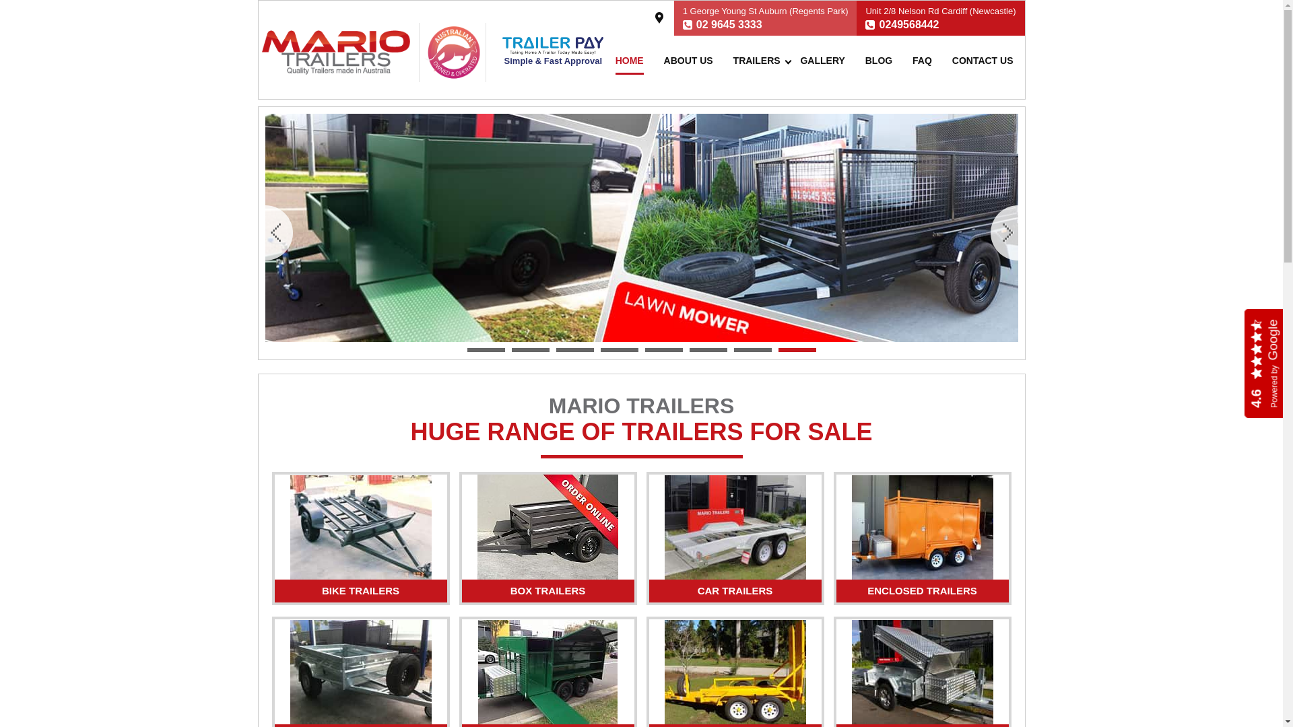  What do you see at coordinates (529, 349) in the screenshot?
I see `'2'` at bounding box center [529, 349].